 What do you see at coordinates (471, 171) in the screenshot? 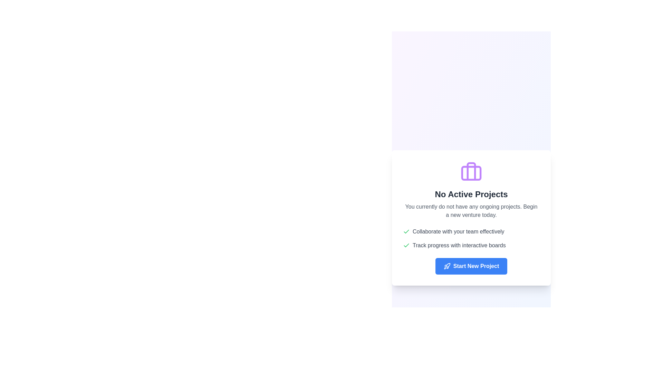
I see `the decorative Icon component within the purple briefcase icon located above the header 'No Active Projects'` at bounding box center [471, 171].